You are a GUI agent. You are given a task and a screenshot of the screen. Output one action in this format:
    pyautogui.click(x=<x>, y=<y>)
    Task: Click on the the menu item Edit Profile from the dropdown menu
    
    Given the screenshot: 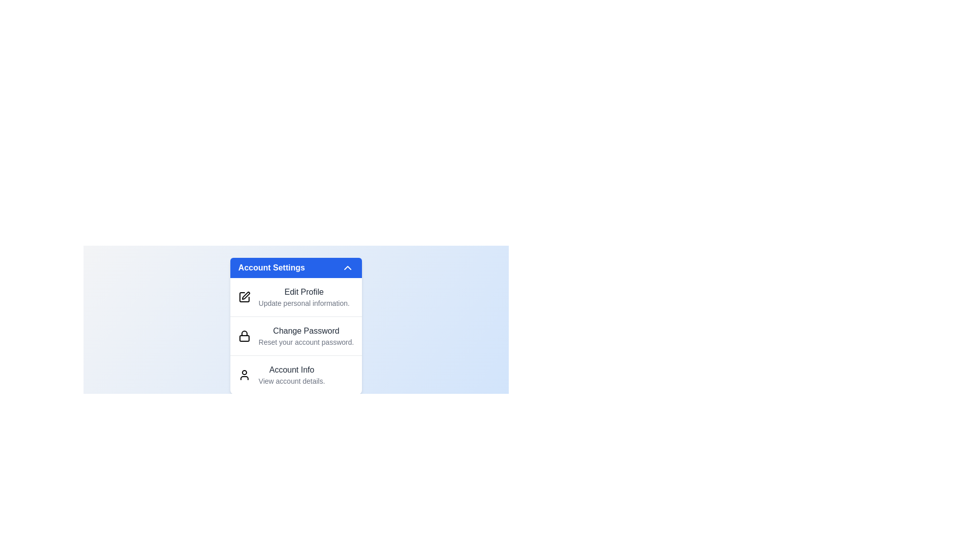 What is the action you would take?
    pyautogui.click(x=296, y=296)
    